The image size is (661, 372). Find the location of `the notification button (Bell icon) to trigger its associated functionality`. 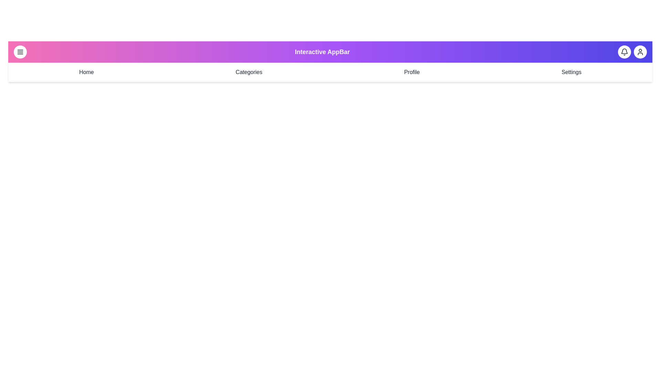

the notification button (Bell icon) to trigger its associated functionality is located at coordinates (625, 51).